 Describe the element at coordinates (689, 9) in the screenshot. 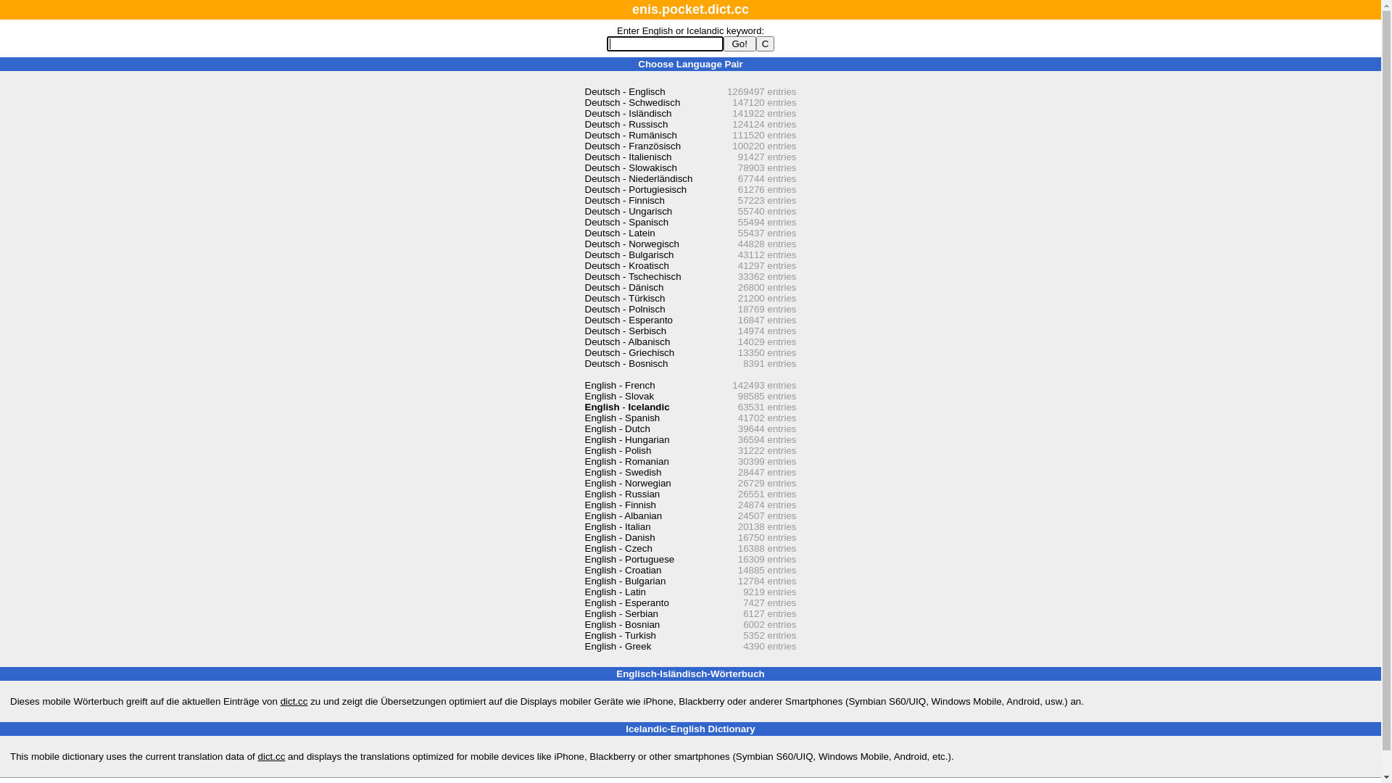

I see `'enis.pocket.dict.cc'` at that location.